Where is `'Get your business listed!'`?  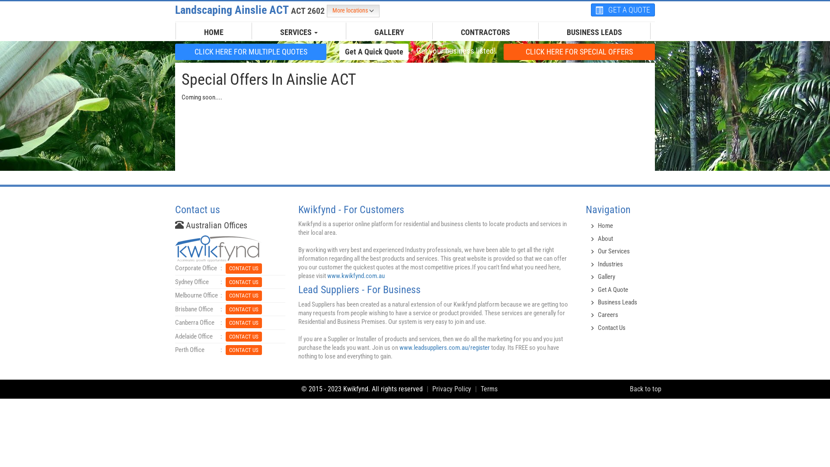 'Get your business listed!' is located at coordinates (415, 51).